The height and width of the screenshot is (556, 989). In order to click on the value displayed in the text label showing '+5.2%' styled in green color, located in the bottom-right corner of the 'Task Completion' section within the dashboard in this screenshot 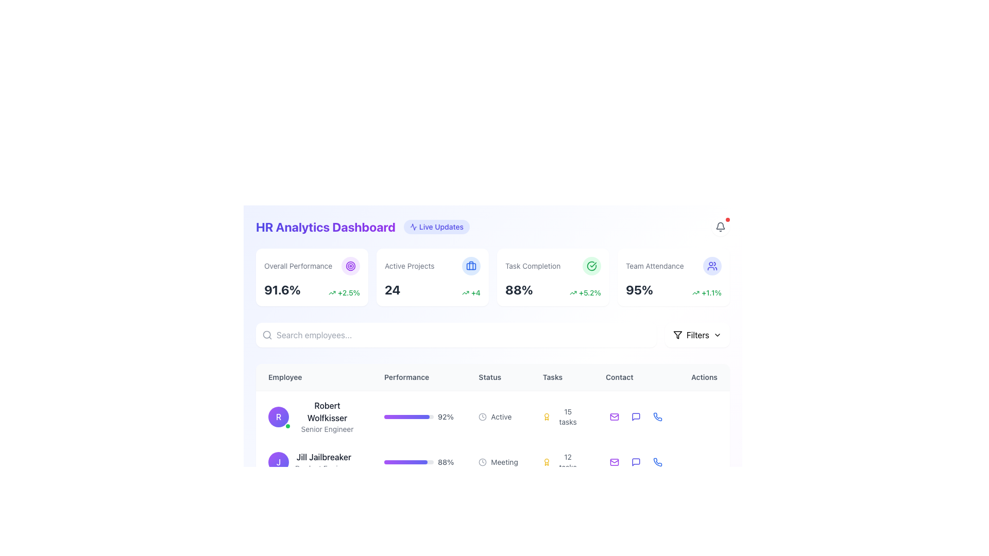, I will do `click(585, 293)`.